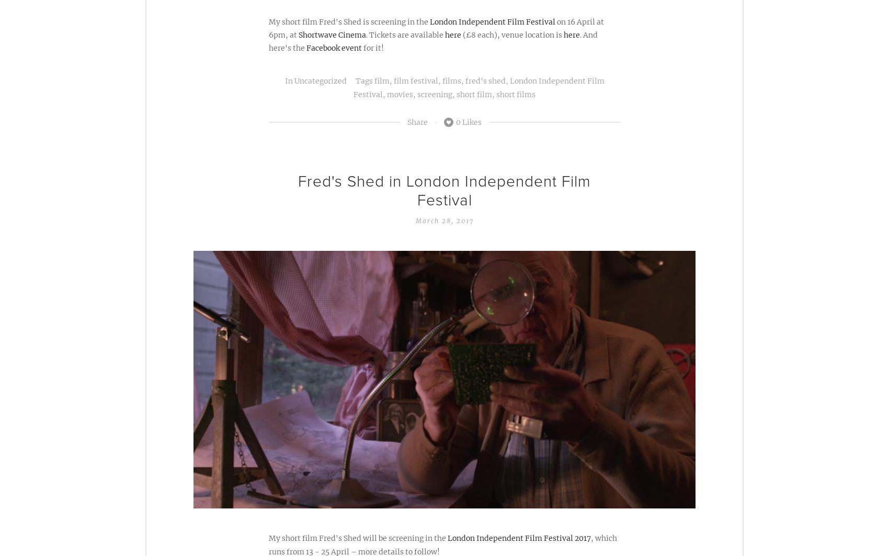  What do you see at coordinates (518, 538) in the screenshot?
I see `'London Independent Film Festival 2017'` at bounding box center [518, 538].